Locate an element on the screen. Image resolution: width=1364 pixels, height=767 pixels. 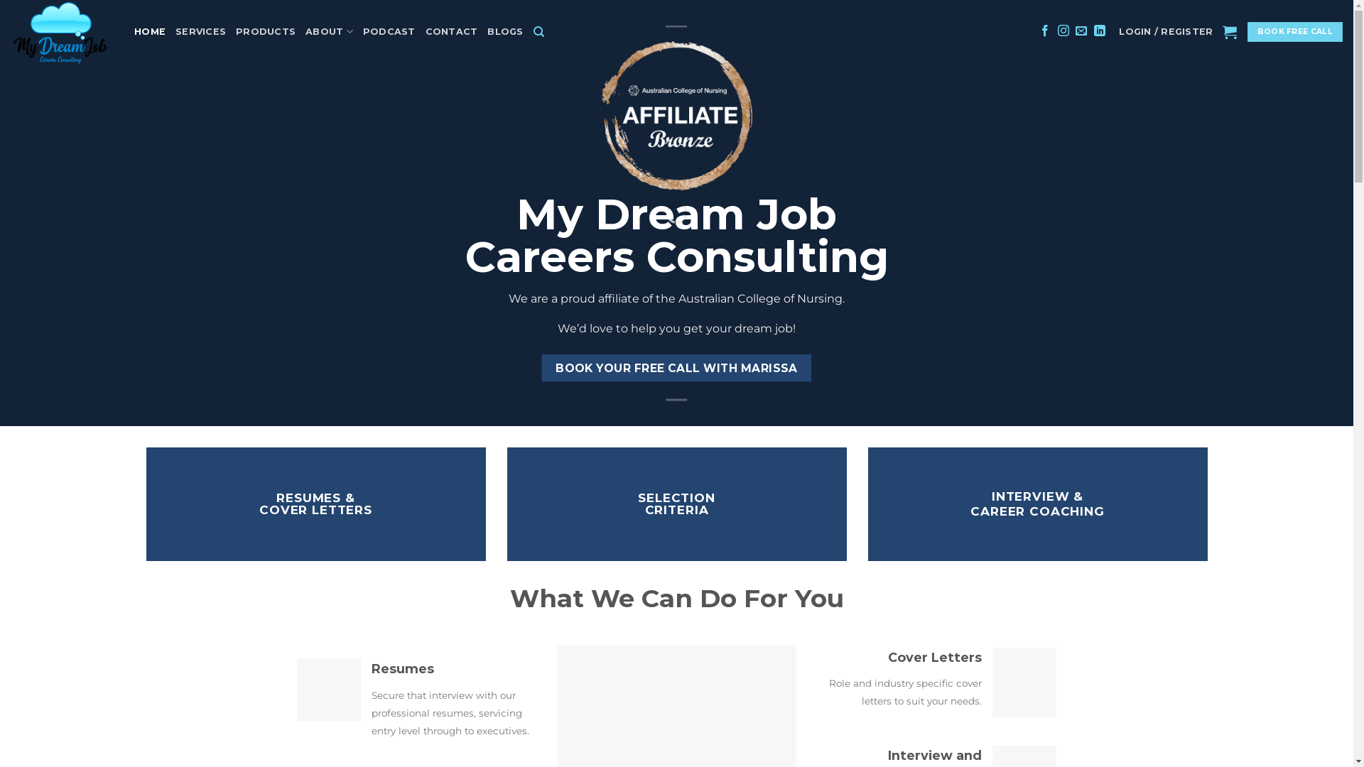
'Follow on LinkedIn' is located at coordinates (1099, 31).